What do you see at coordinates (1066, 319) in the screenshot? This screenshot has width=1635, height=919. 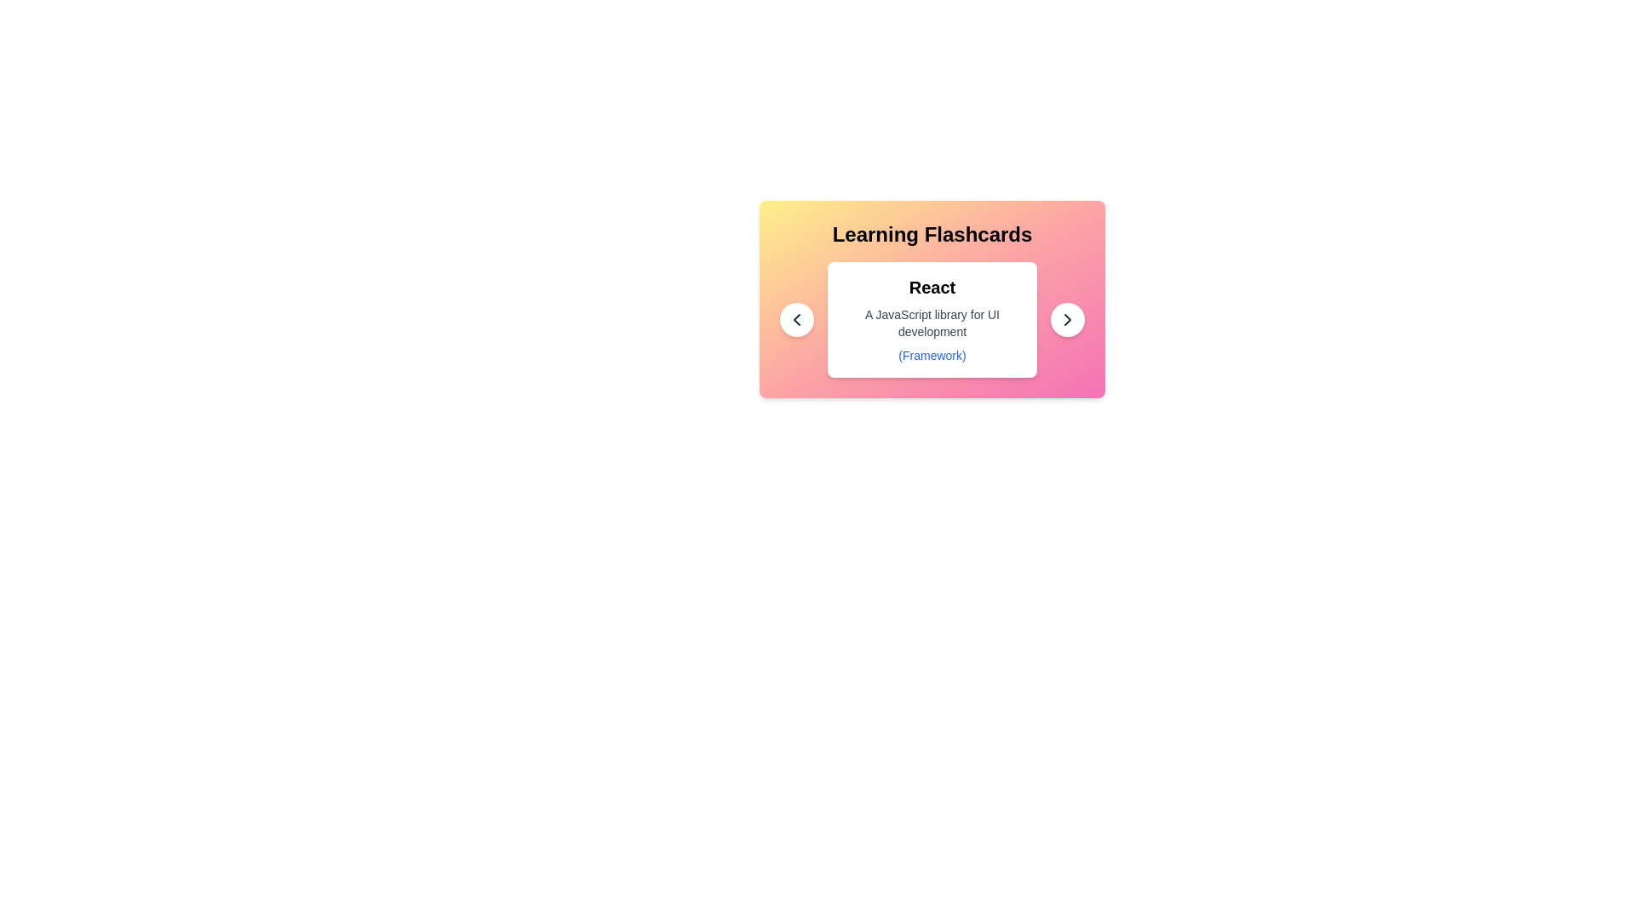 I see `the right arrow button to navigate to the next flashcard` at bounding box center [1066, 319].